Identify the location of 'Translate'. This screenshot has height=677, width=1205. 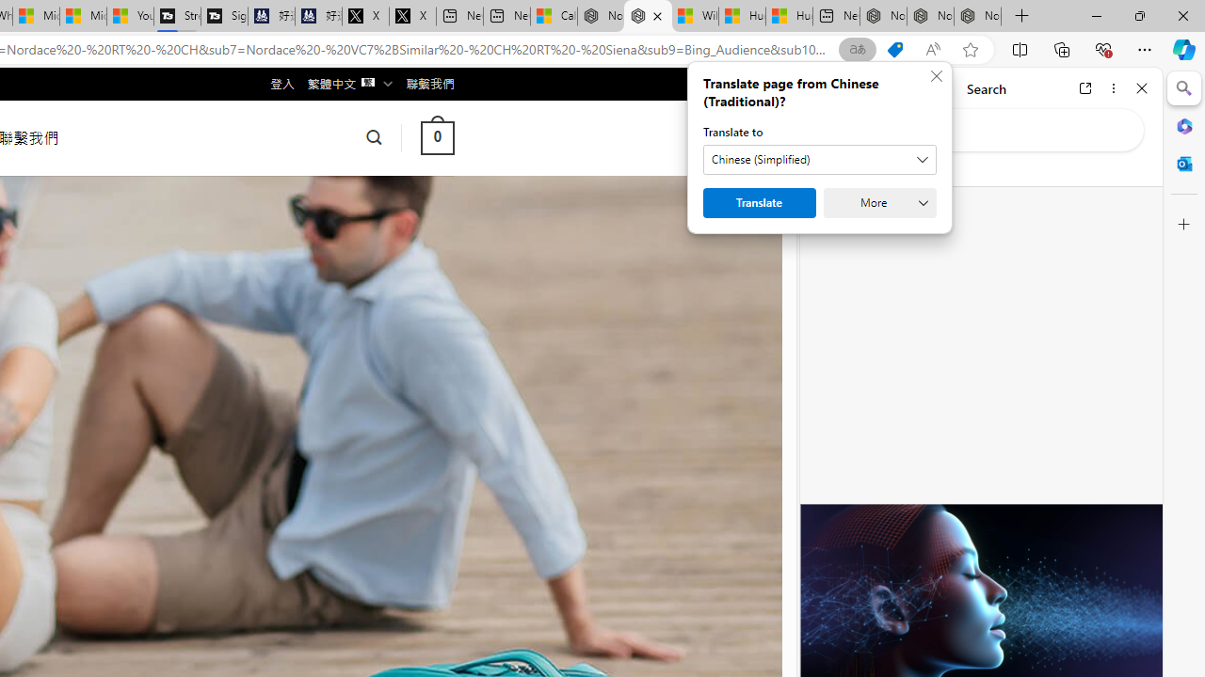
(760, 203).